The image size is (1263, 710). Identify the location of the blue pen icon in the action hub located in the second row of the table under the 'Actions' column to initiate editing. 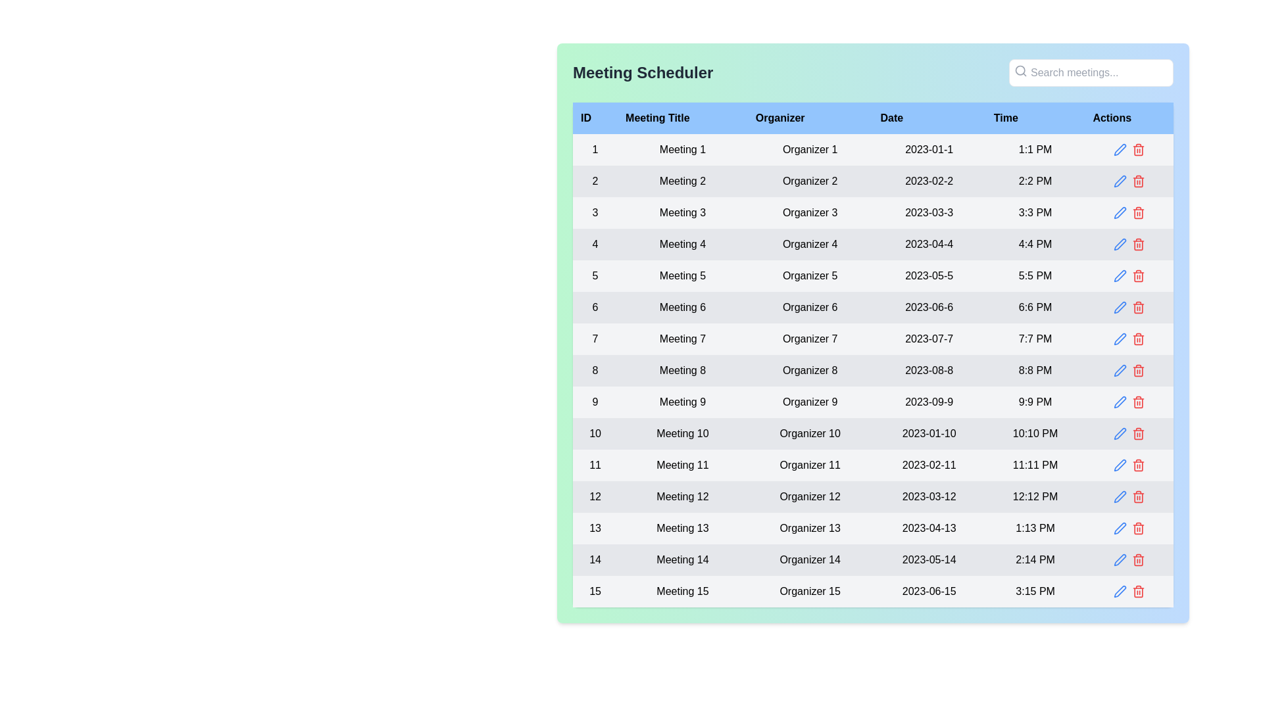
(1128, 181).